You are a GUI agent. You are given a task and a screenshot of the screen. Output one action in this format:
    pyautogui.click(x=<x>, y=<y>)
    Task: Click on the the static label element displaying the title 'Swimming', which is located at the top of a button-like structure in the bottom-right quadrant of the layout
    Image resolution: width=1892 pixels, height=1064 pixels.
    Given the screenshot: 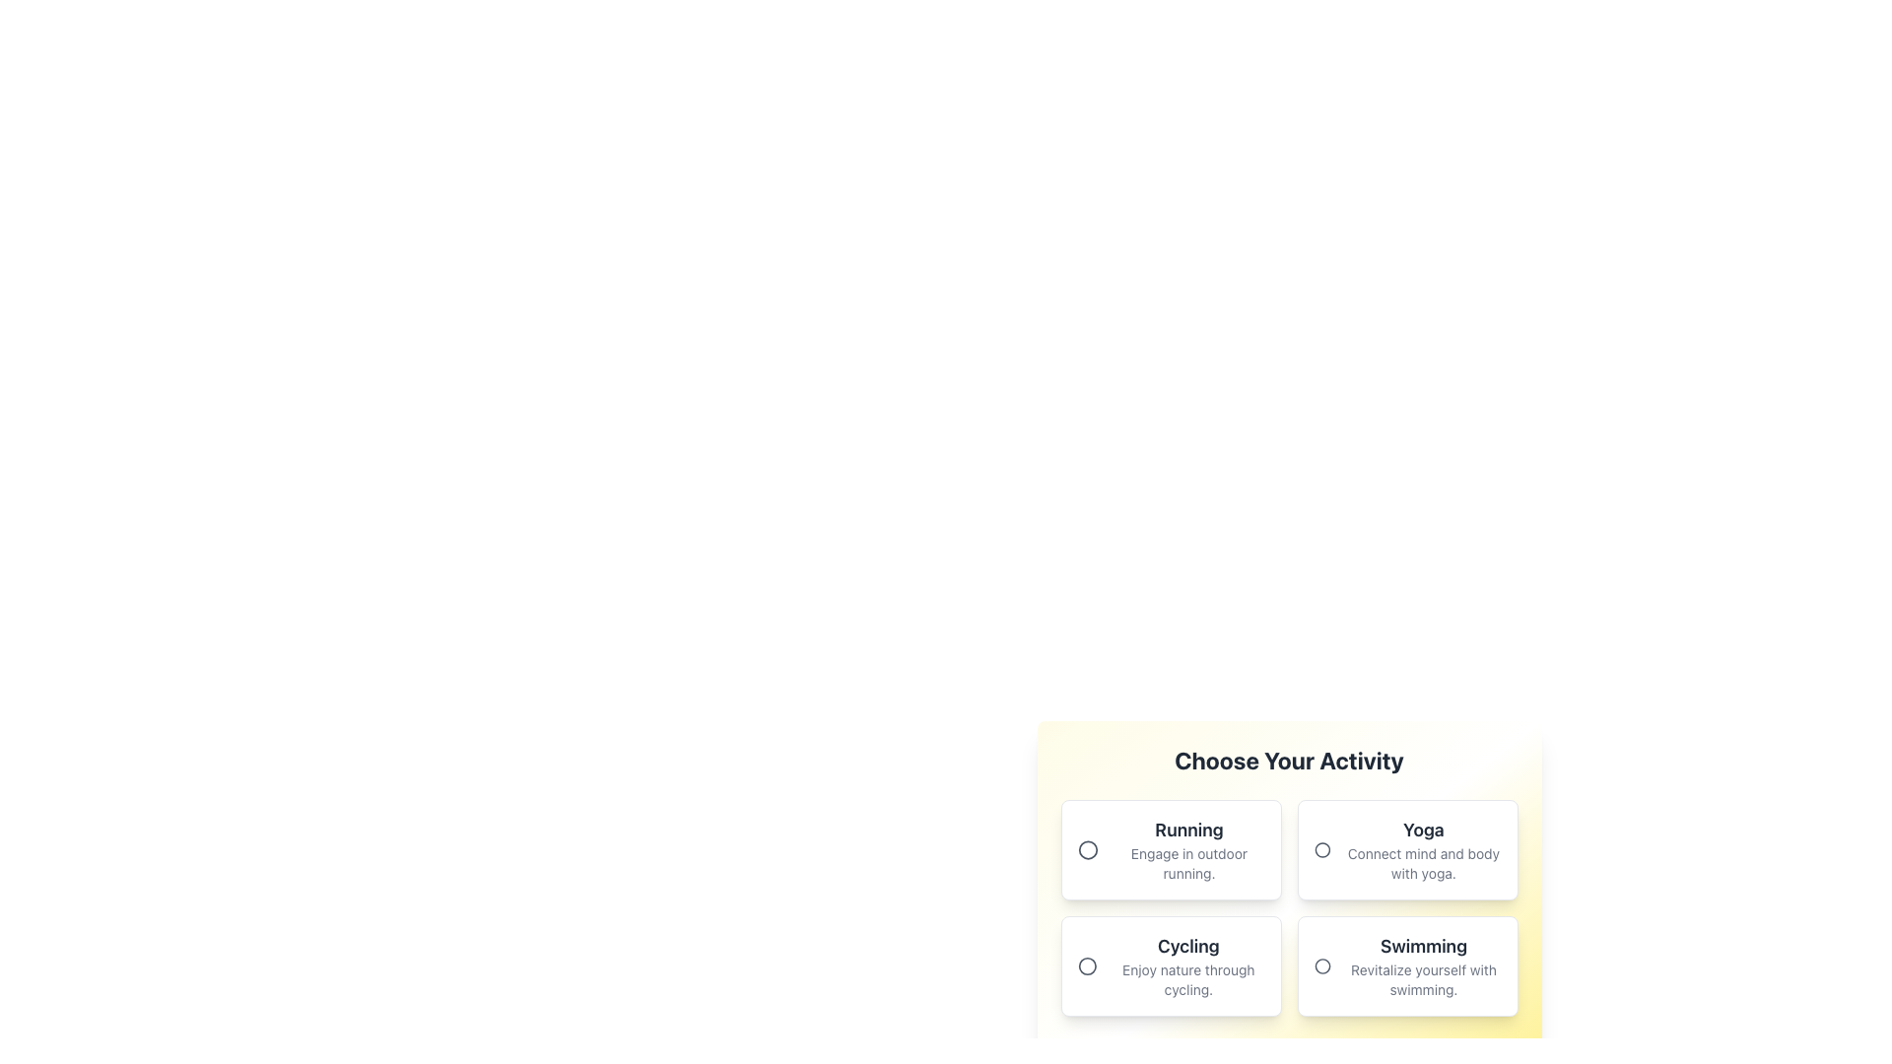 What is the action you would take?
    pyautogui.click(x=1423, y=945)
    